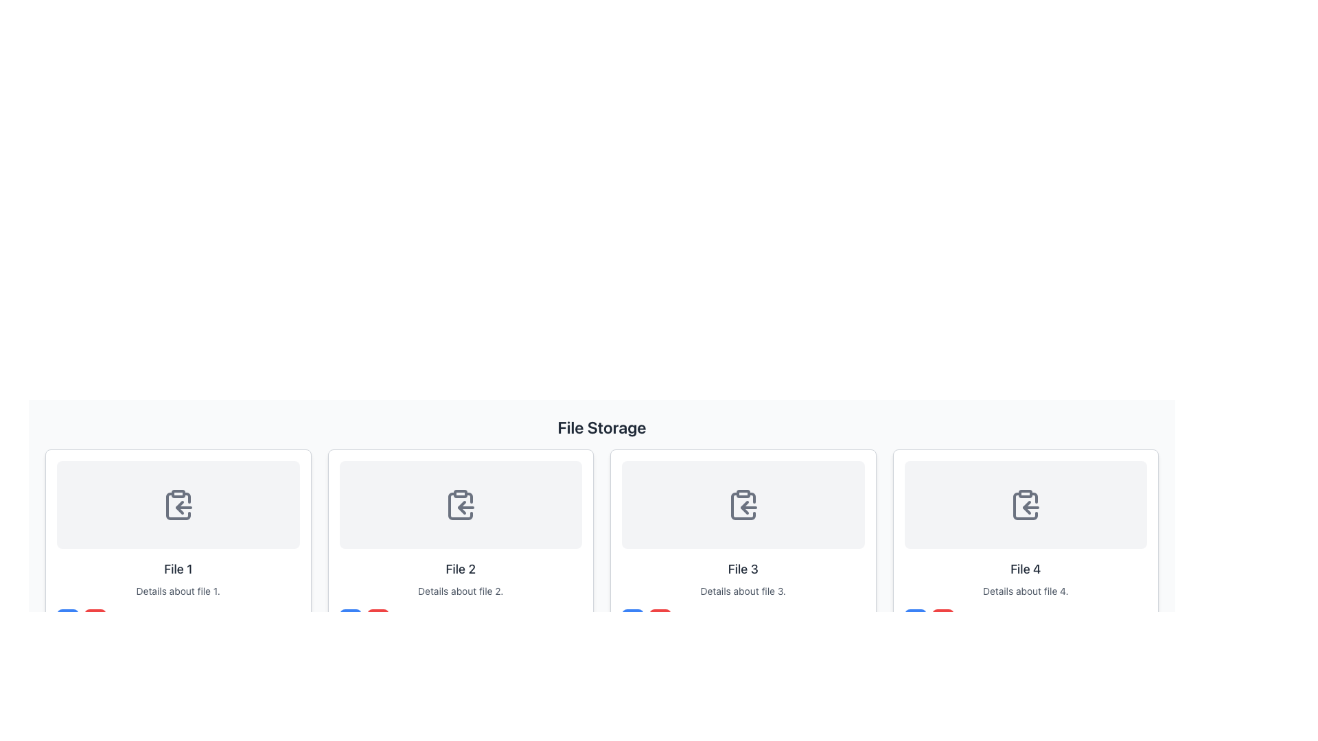 The image size is (1318, 741). Describe the element at coordinates (1026, 569) in the screenshot. I see `the text label that identifies the file in the last card of the grid` at that location.